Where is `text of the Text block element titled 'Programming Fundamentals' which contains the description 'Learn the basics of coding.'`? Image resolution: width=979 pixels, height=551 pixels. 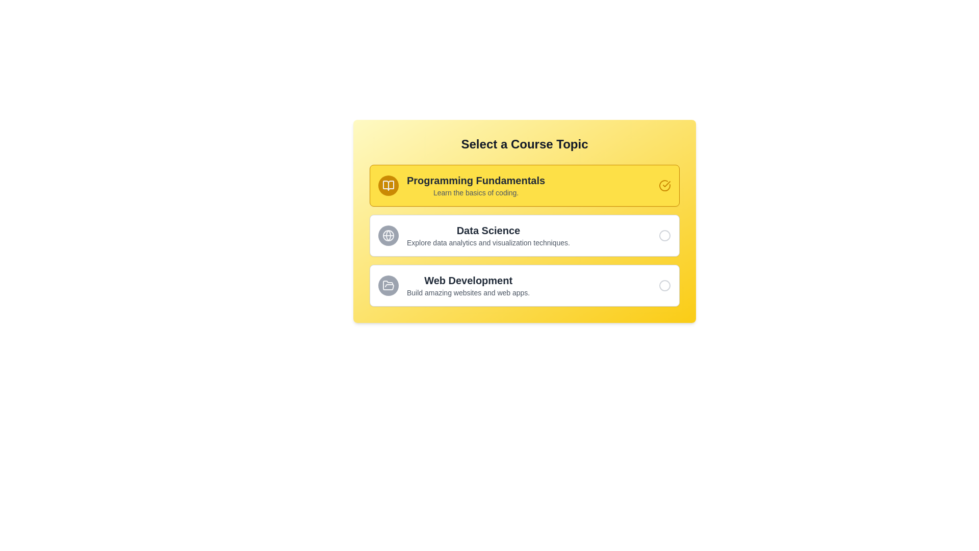 text of the Text block element titled 'Programming Fundamentals' which contains the description 'Learn the basics of coding.' is located at coordinates (475, 185).